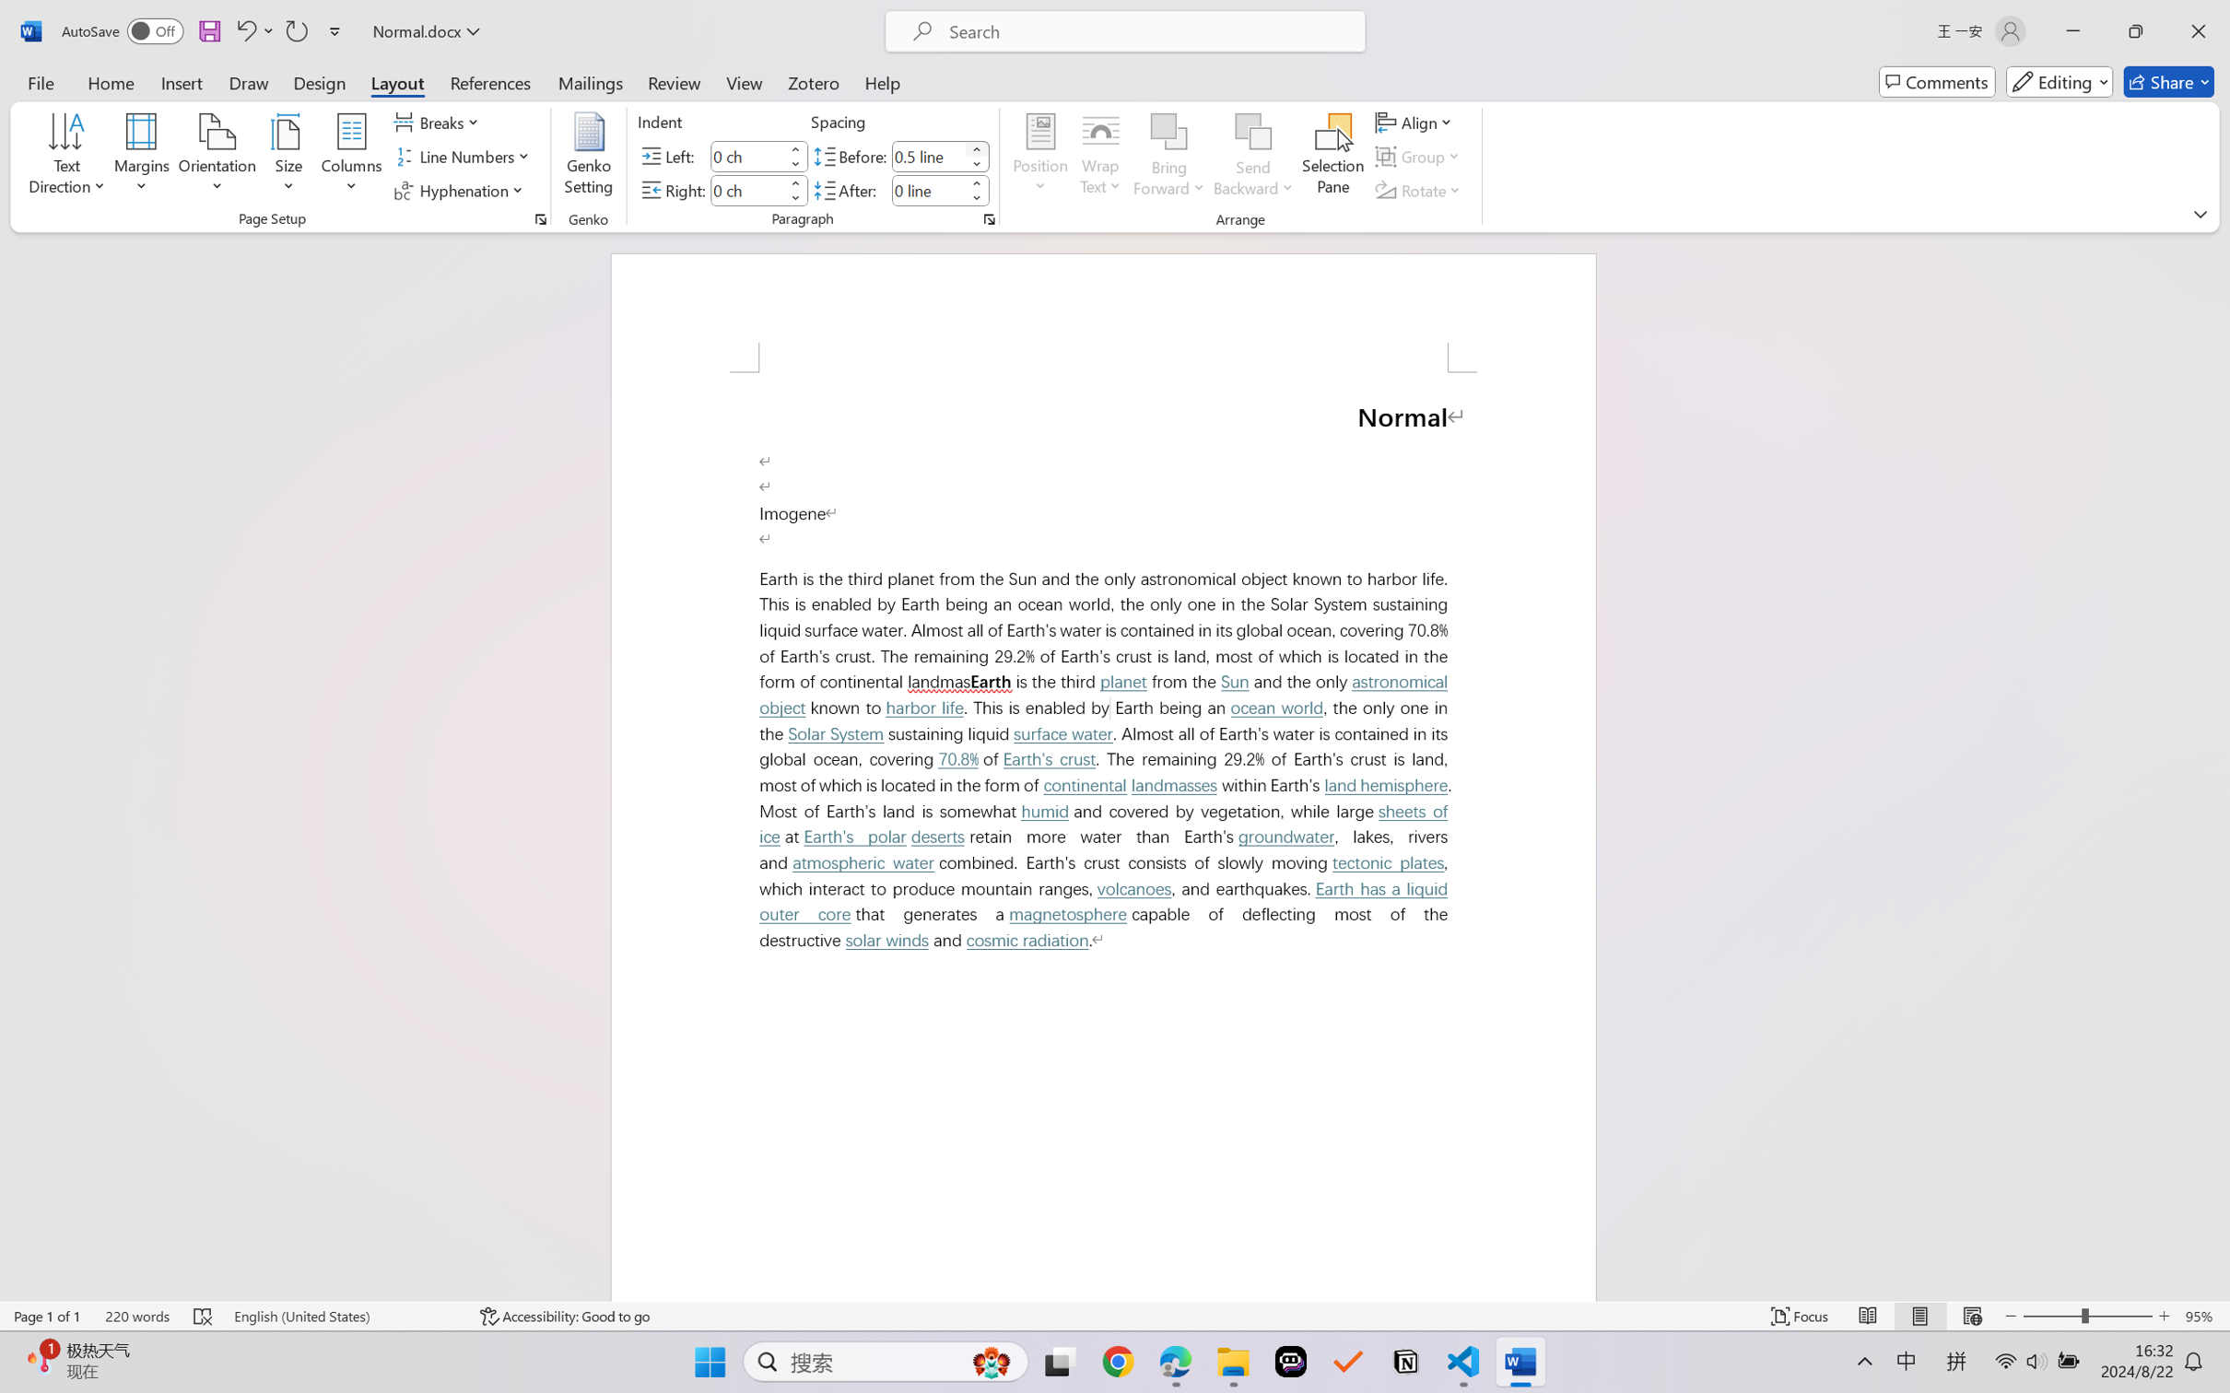  What do you see at coordinates (1108, 902) in the screenshot?
I see `'Earth has a liquid outer core'` at bounding box center [1108, 902].